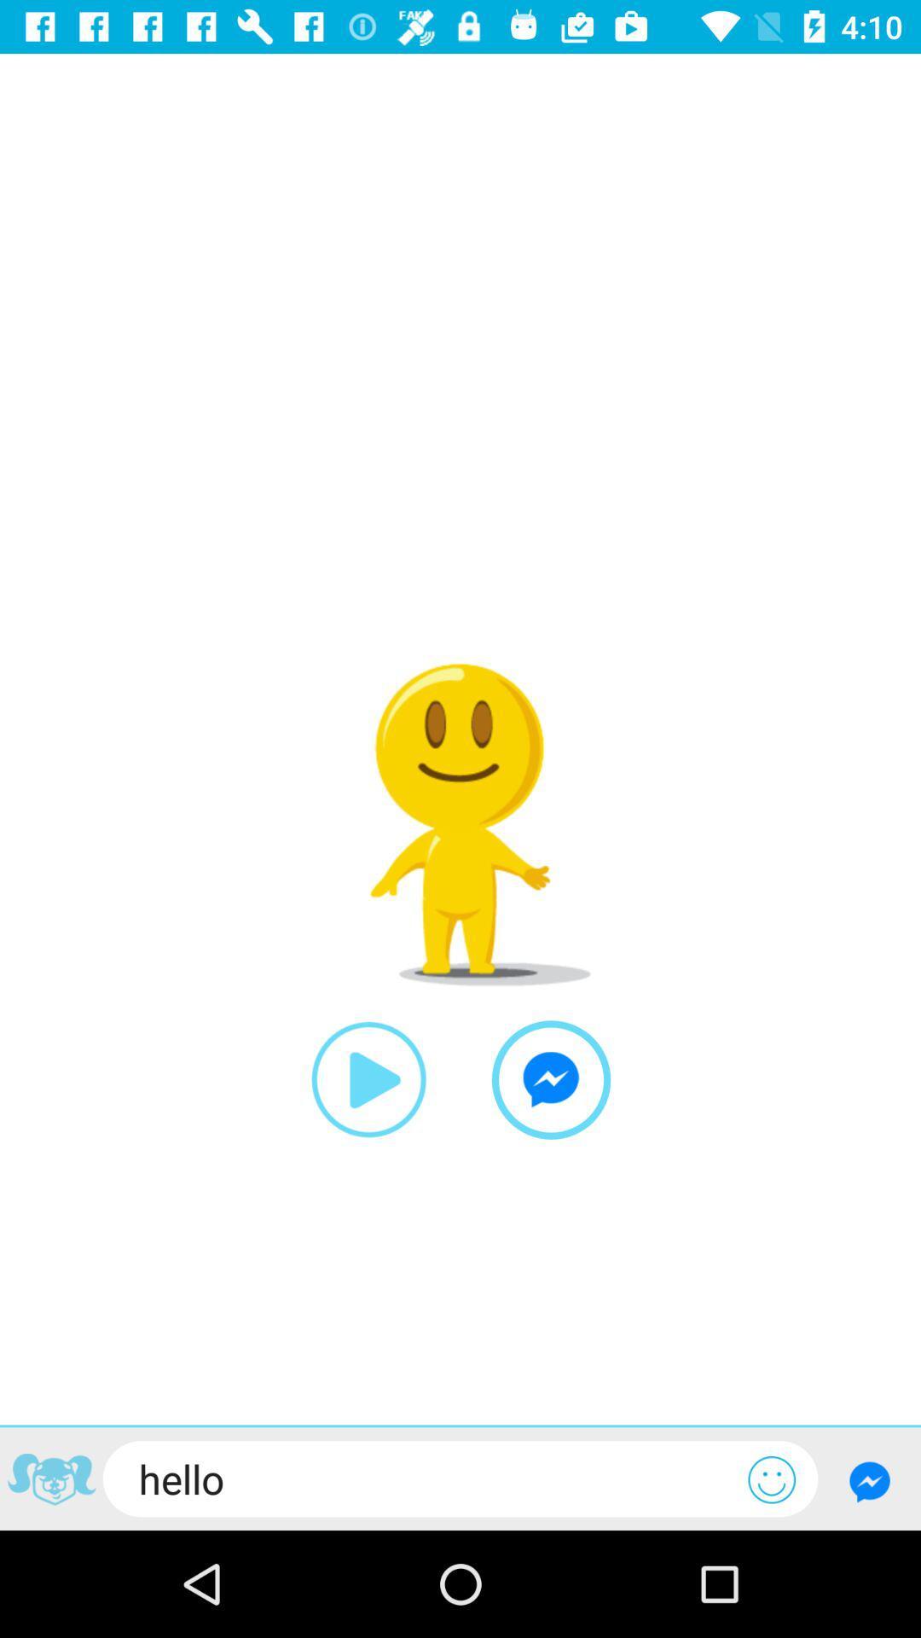 This screenshot has width=921, height=1638. I want to click on open emoji keyboard, so click(772, 1478).